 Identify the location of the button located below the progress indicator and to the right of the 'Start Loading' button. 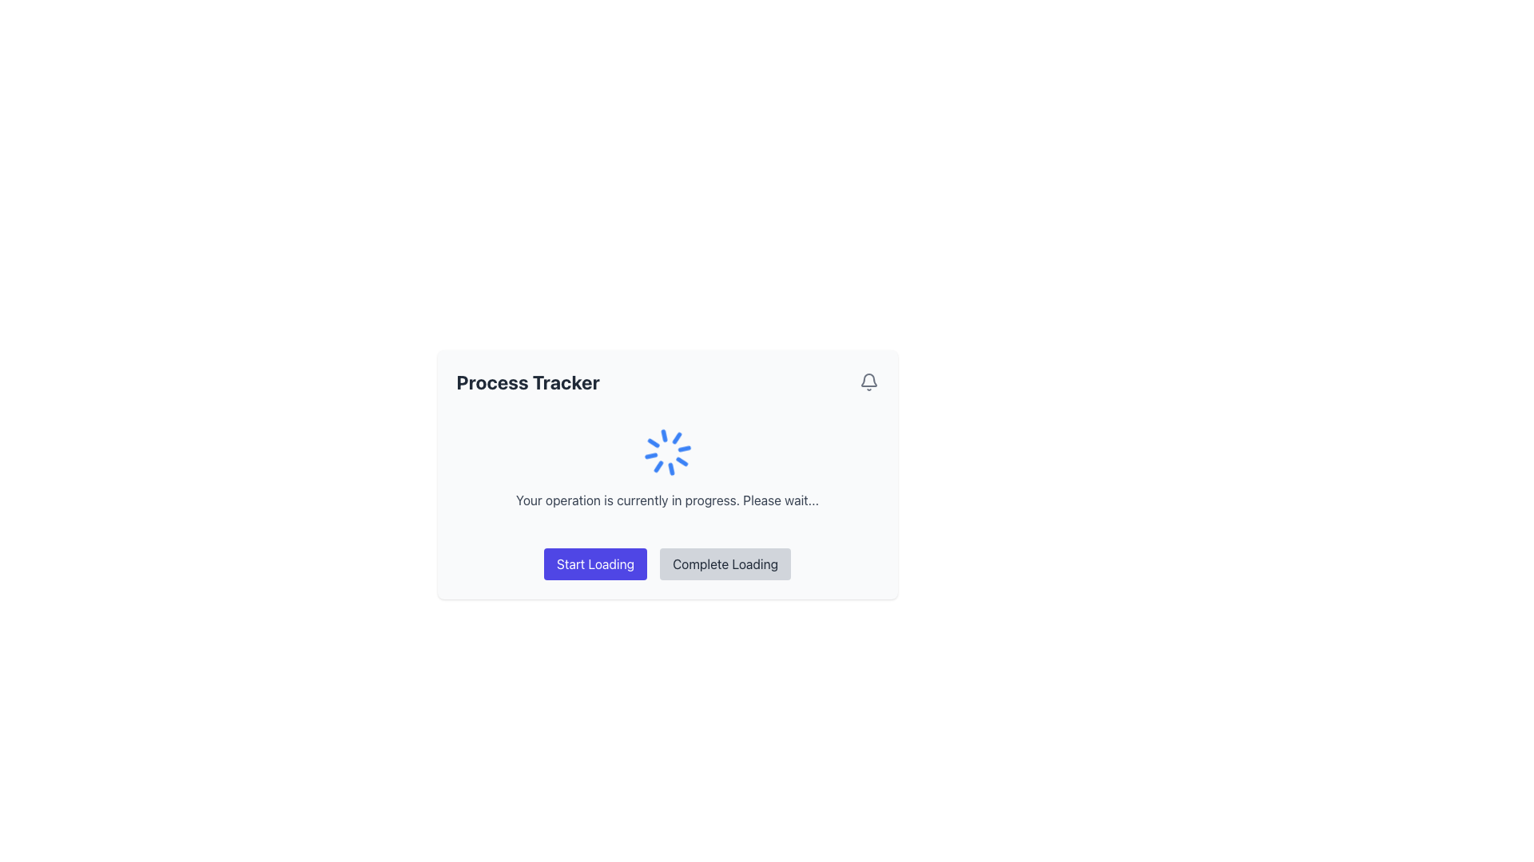
(724, 563).